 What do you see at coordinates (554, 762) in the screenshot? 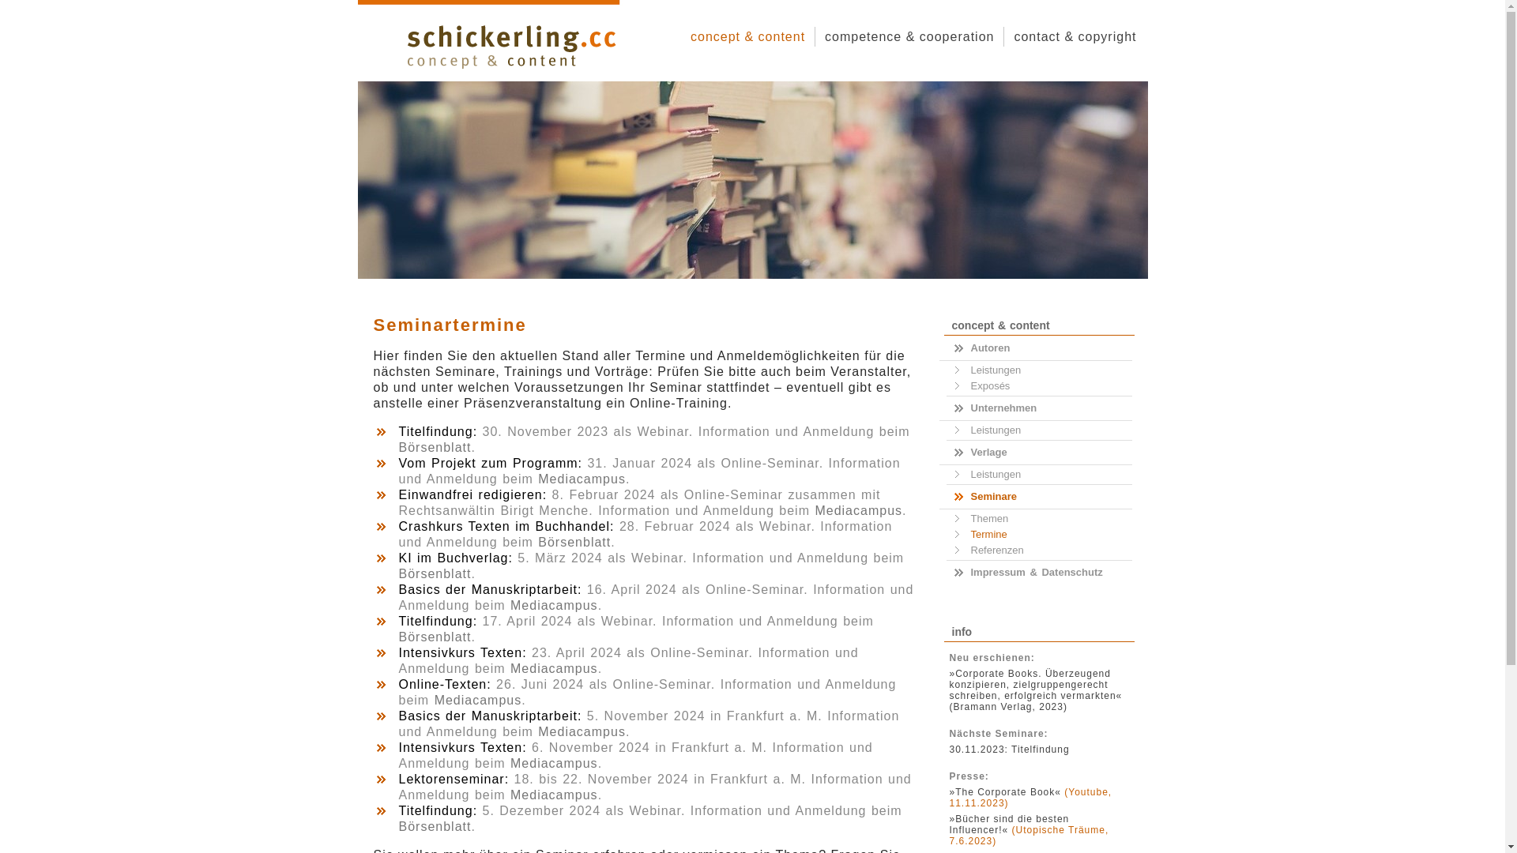
I see `'Mediacampus'` at bounding box center [554, 762].